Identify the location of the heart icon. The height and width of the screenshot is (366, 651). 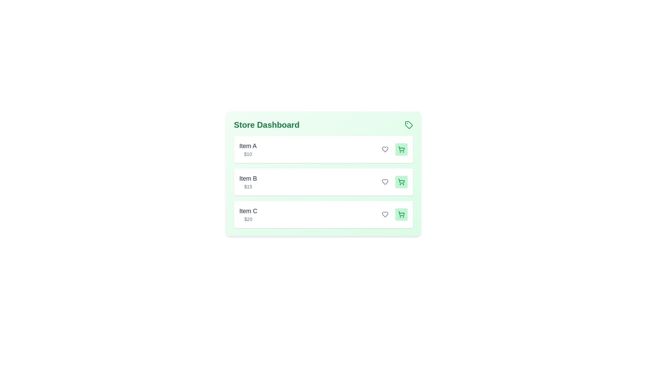
(385, 214).